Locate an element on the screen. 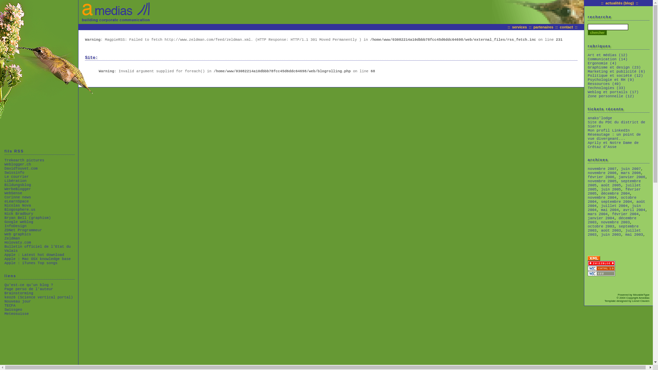  'InfoDesign' is located at coordinates (15, 226).